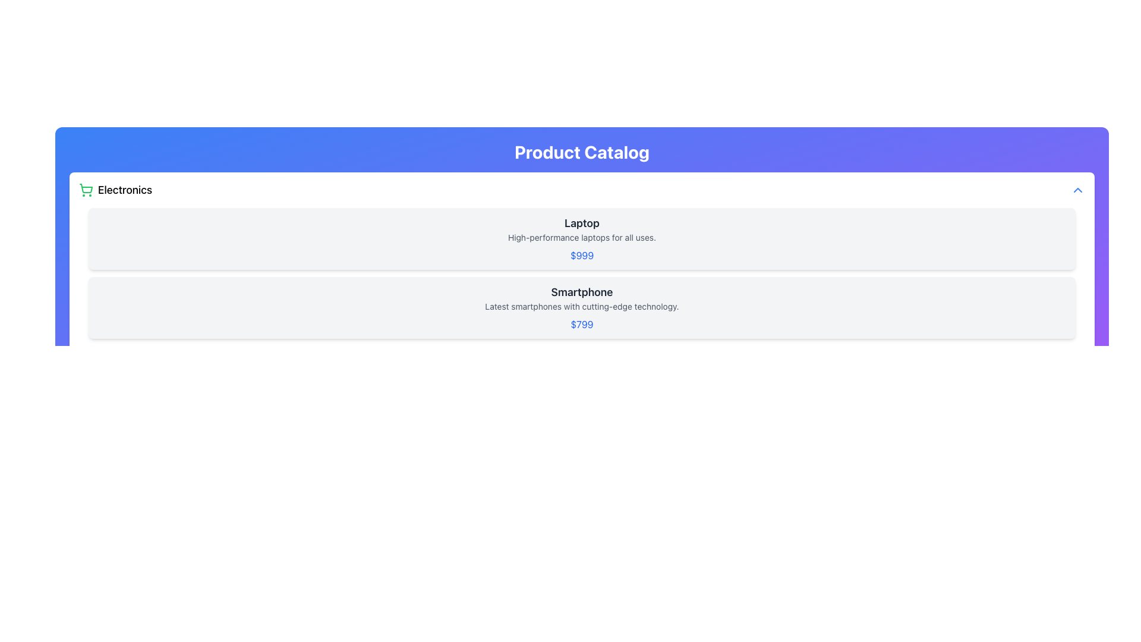  What do you see at coordinates (582, 254) in the screenshot?
I see `price displayed in the Text Label for the product 'Laptop', which is located below the product description and above the next product listed` at bounding box center [582, 254].